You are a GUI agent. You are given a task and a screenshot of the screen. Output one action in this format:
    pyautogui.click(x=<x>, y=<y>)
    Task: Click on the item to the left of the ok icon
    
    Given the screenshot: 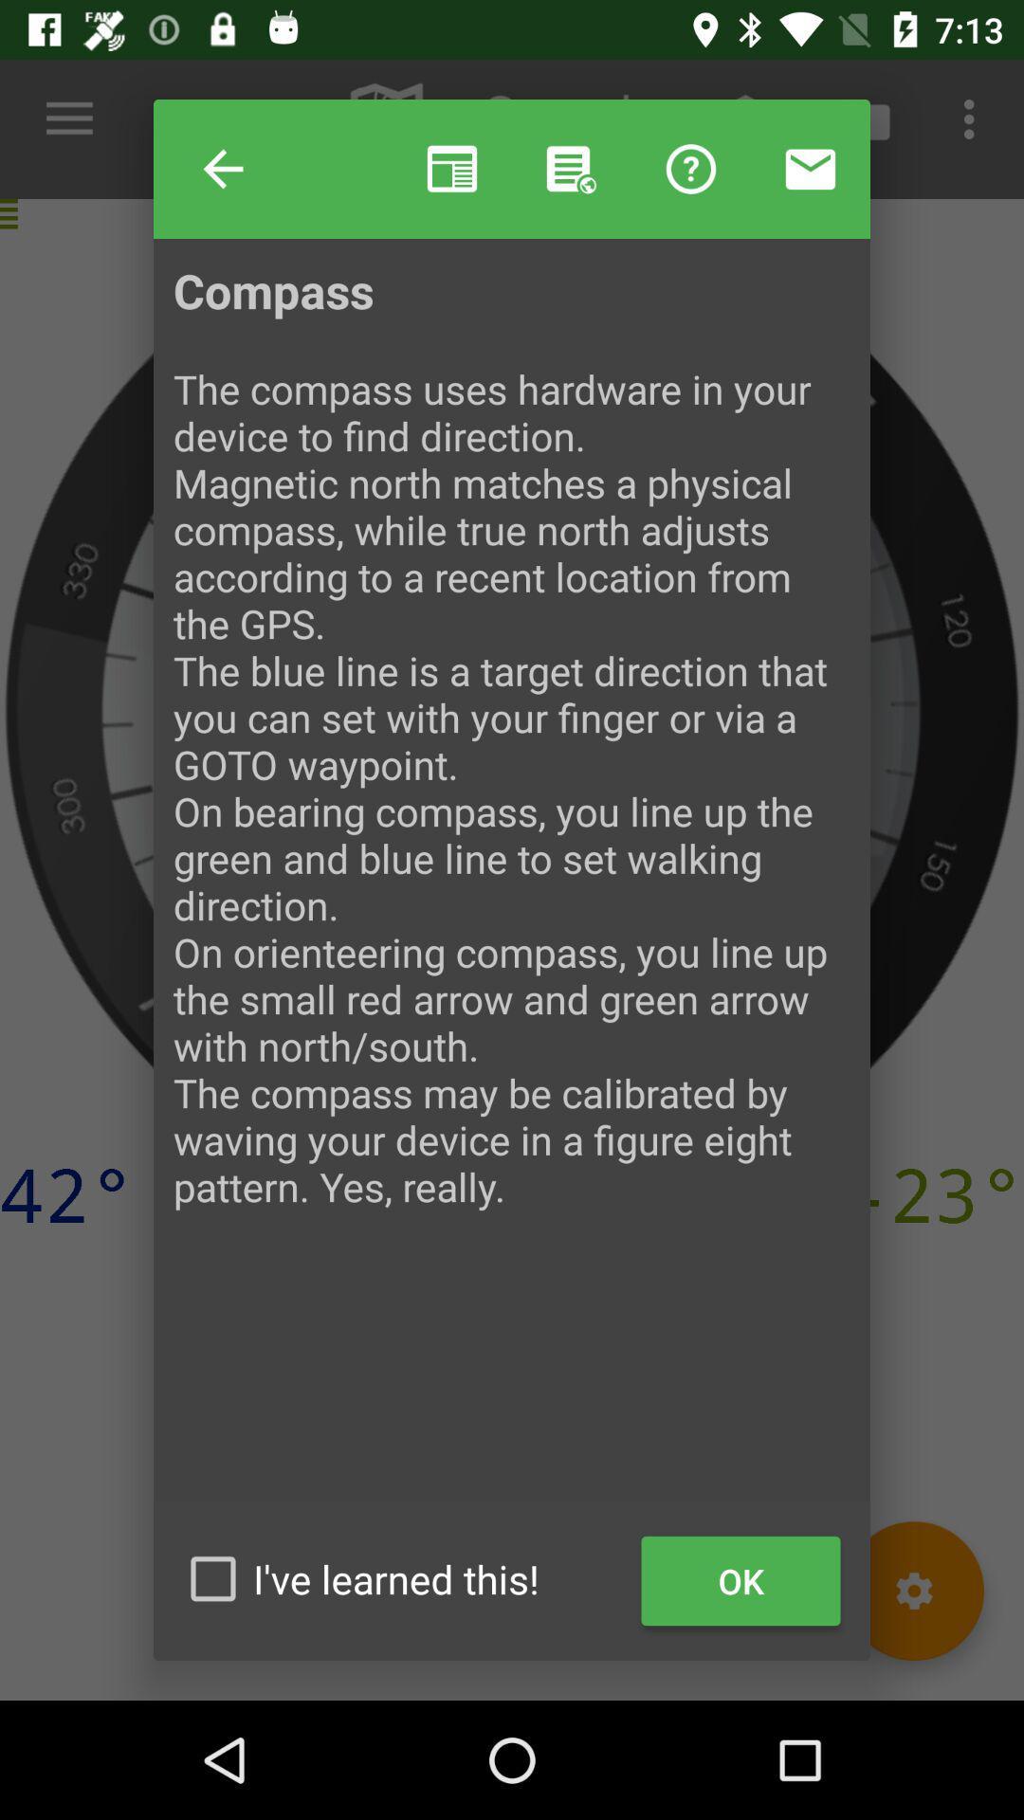 What is the action you would take?
    pyautogui.click(x=401, y=1578)
    